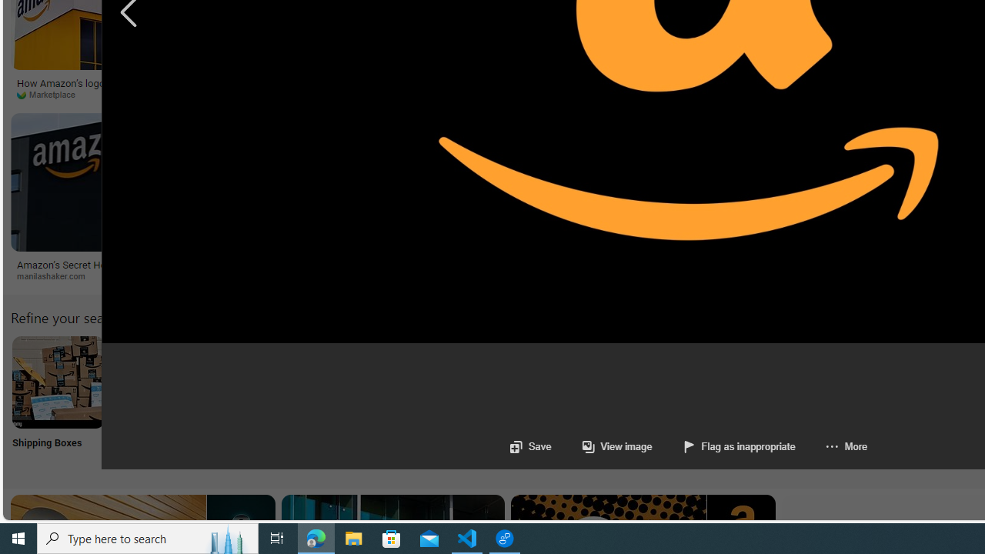 This screenshot has height=554, width=985. Describe the element at coordinates (58, 401) in the screenshot. I see `'Amazon Shipping Boxes Shipping Boxes'` at that location.